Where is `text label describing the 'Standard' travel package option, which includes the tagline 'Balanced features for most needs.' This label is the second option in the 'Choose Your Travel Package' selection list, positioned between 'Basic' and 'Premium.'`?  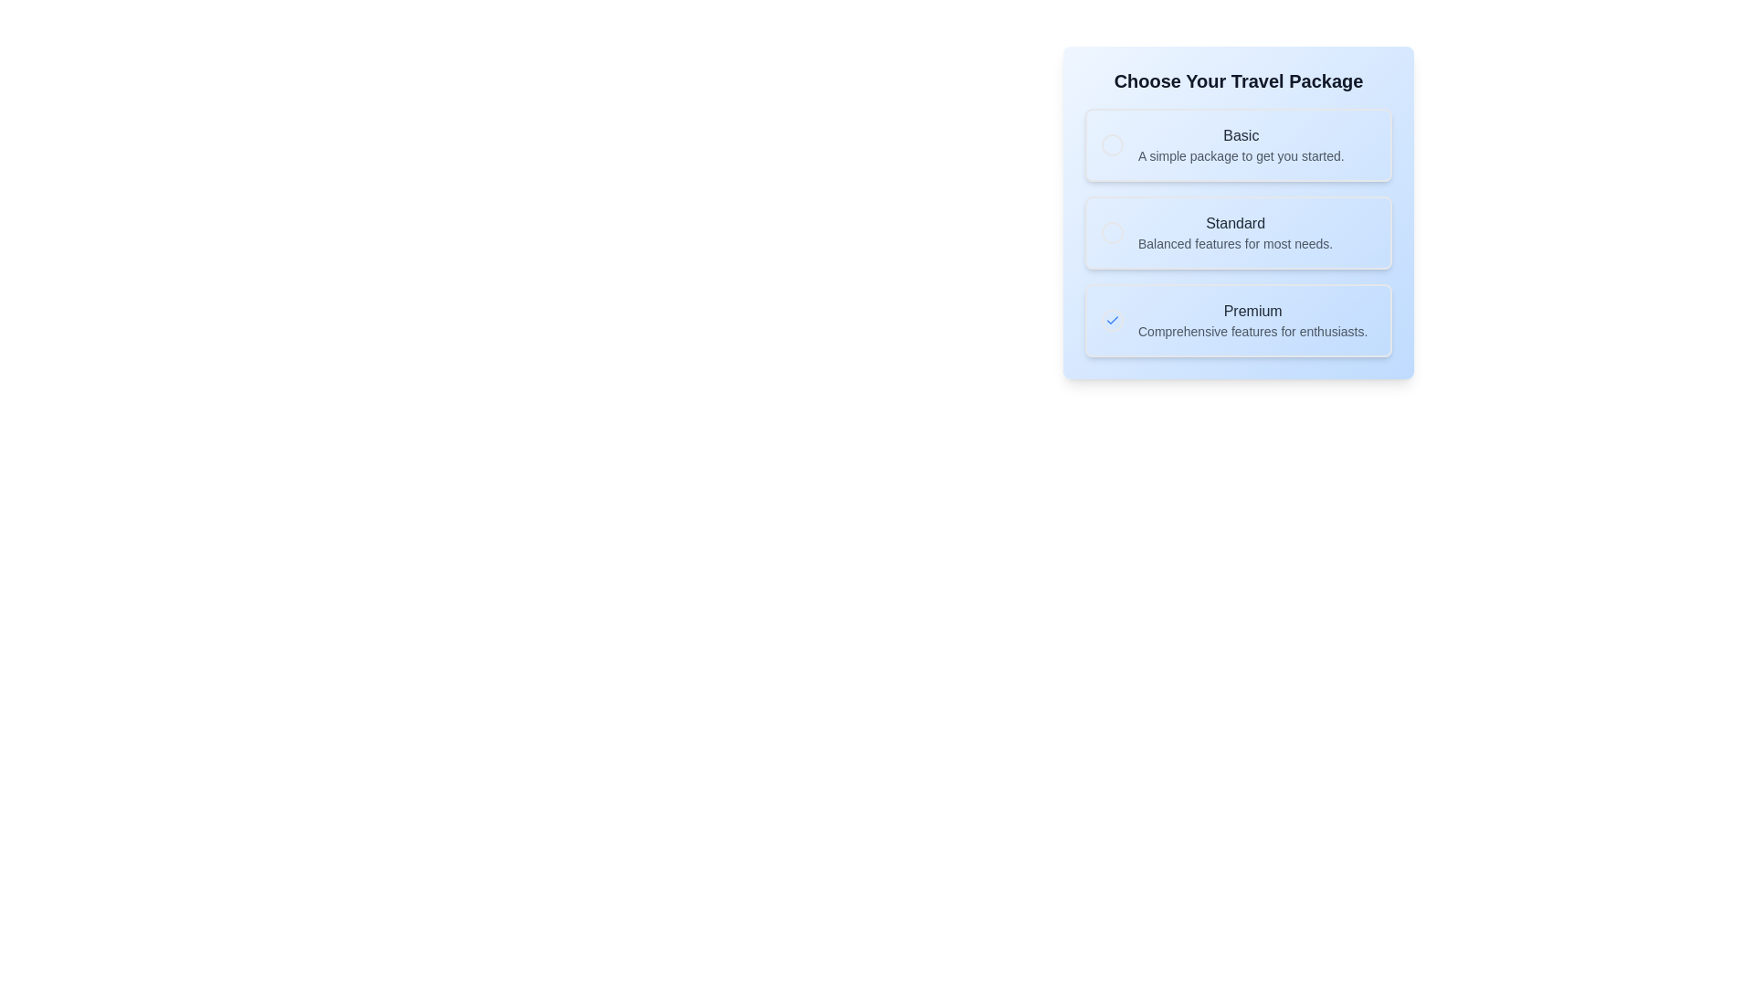
text label describing the 'Standard' travel package option, which includes the tagline 'Balanced features for most needs.' This label is the second option in the 'Choose Your Travel Package' selection list, positioned between 'Basic' and 'Premium.' is located at coordinates (1235, 231).